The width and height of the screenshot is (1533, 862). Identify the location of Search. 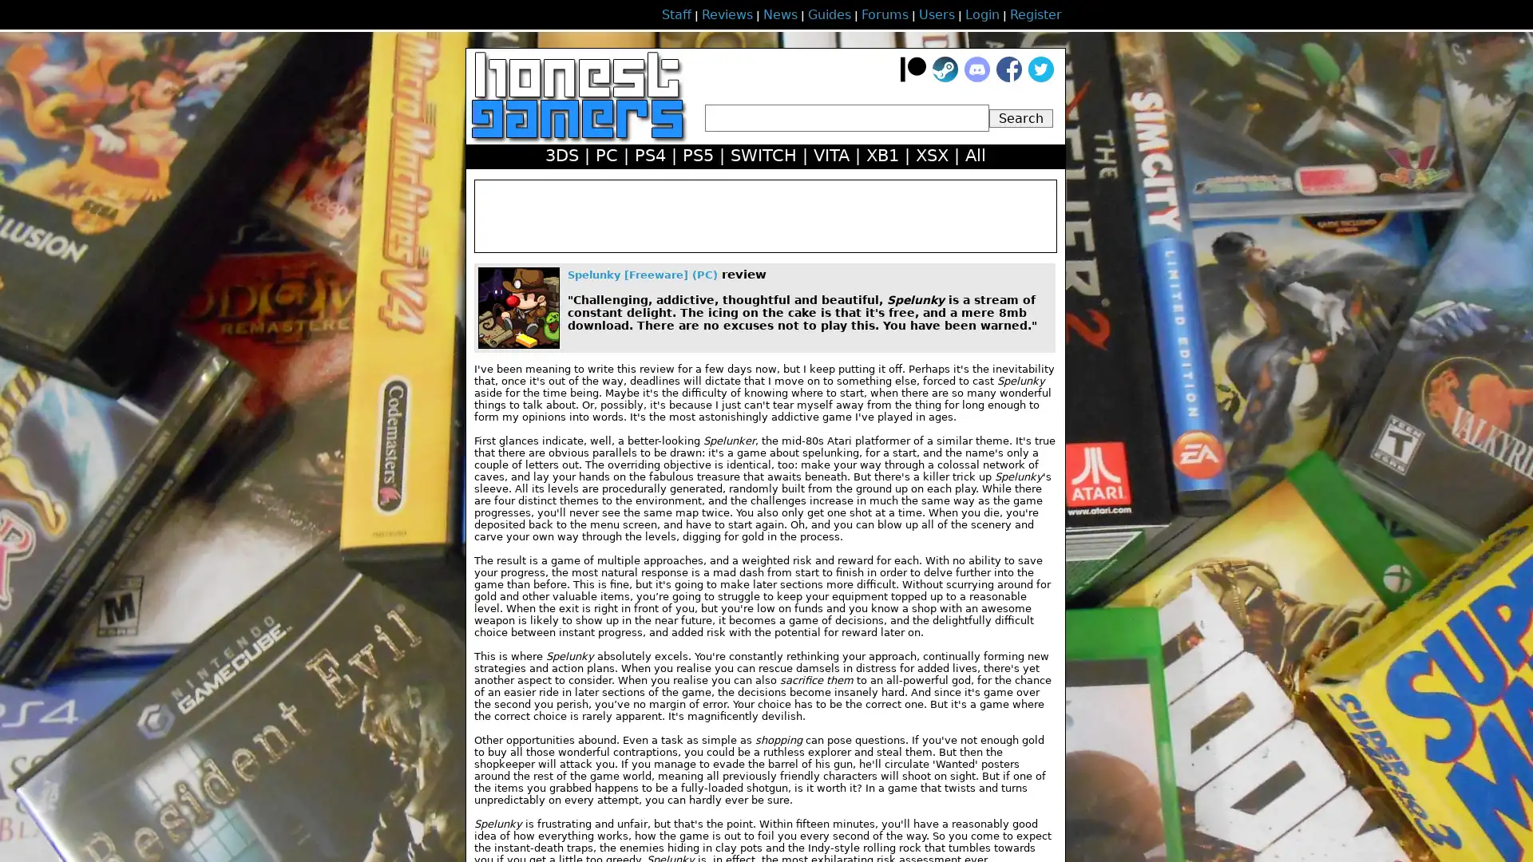
(1020, 117).